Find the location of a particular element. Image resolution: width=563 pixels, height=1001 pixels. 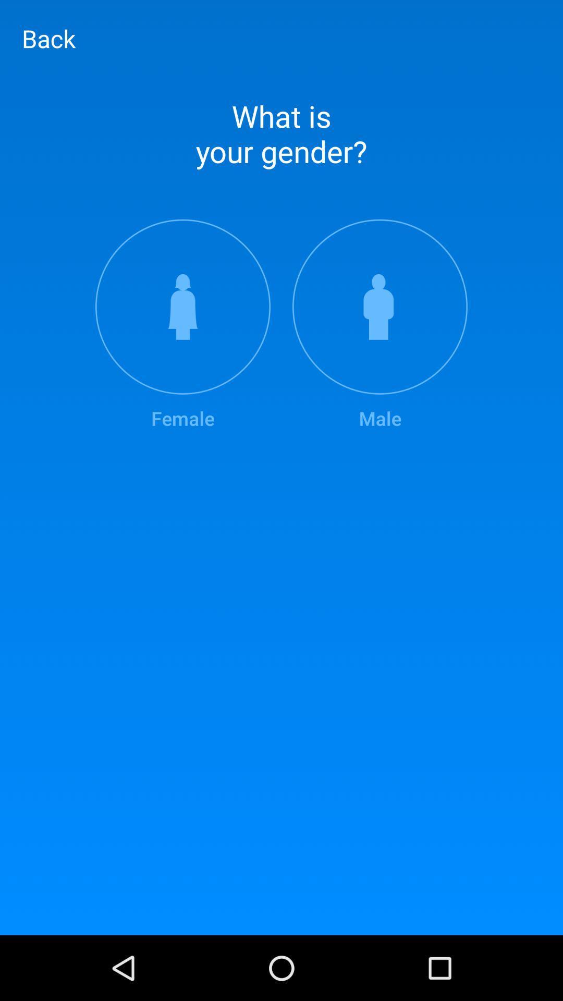

back is located at coordinates (48, 38).